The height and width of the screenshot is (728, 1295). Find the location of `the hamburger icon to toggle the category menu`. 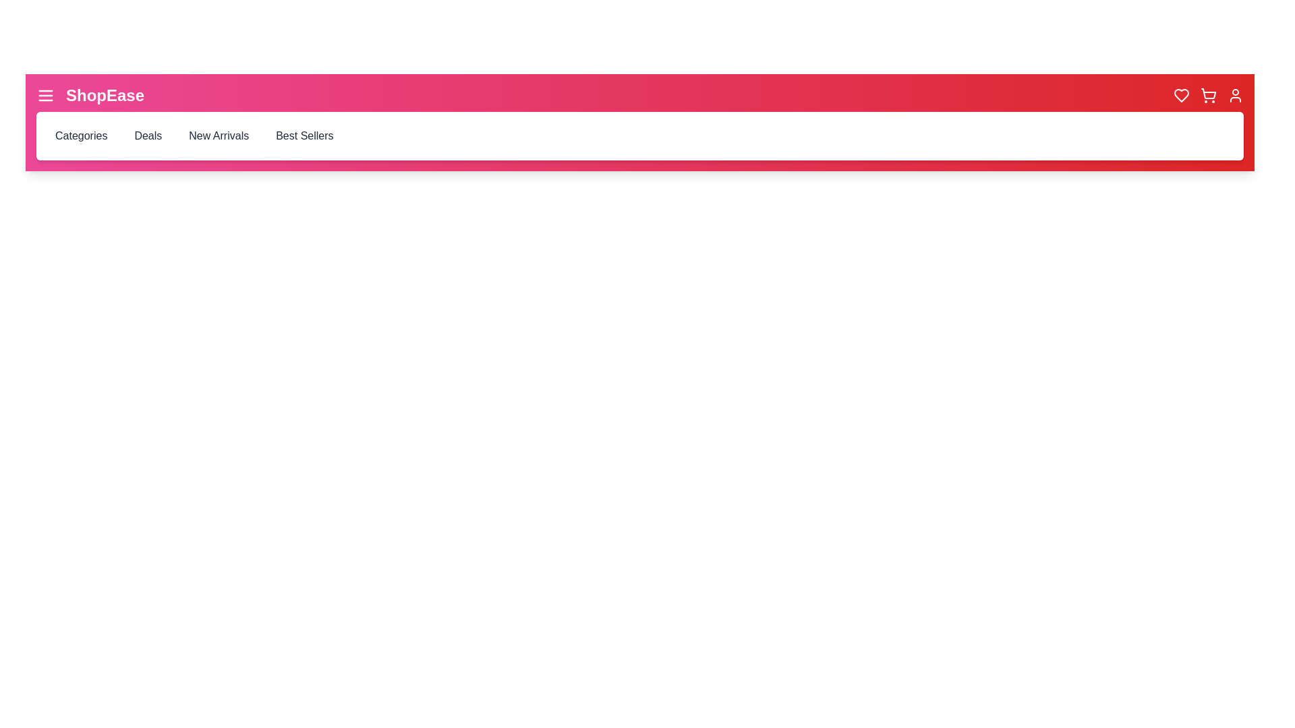

the hamburger icon to toggle the category menu is located at coordinates (45, 95).